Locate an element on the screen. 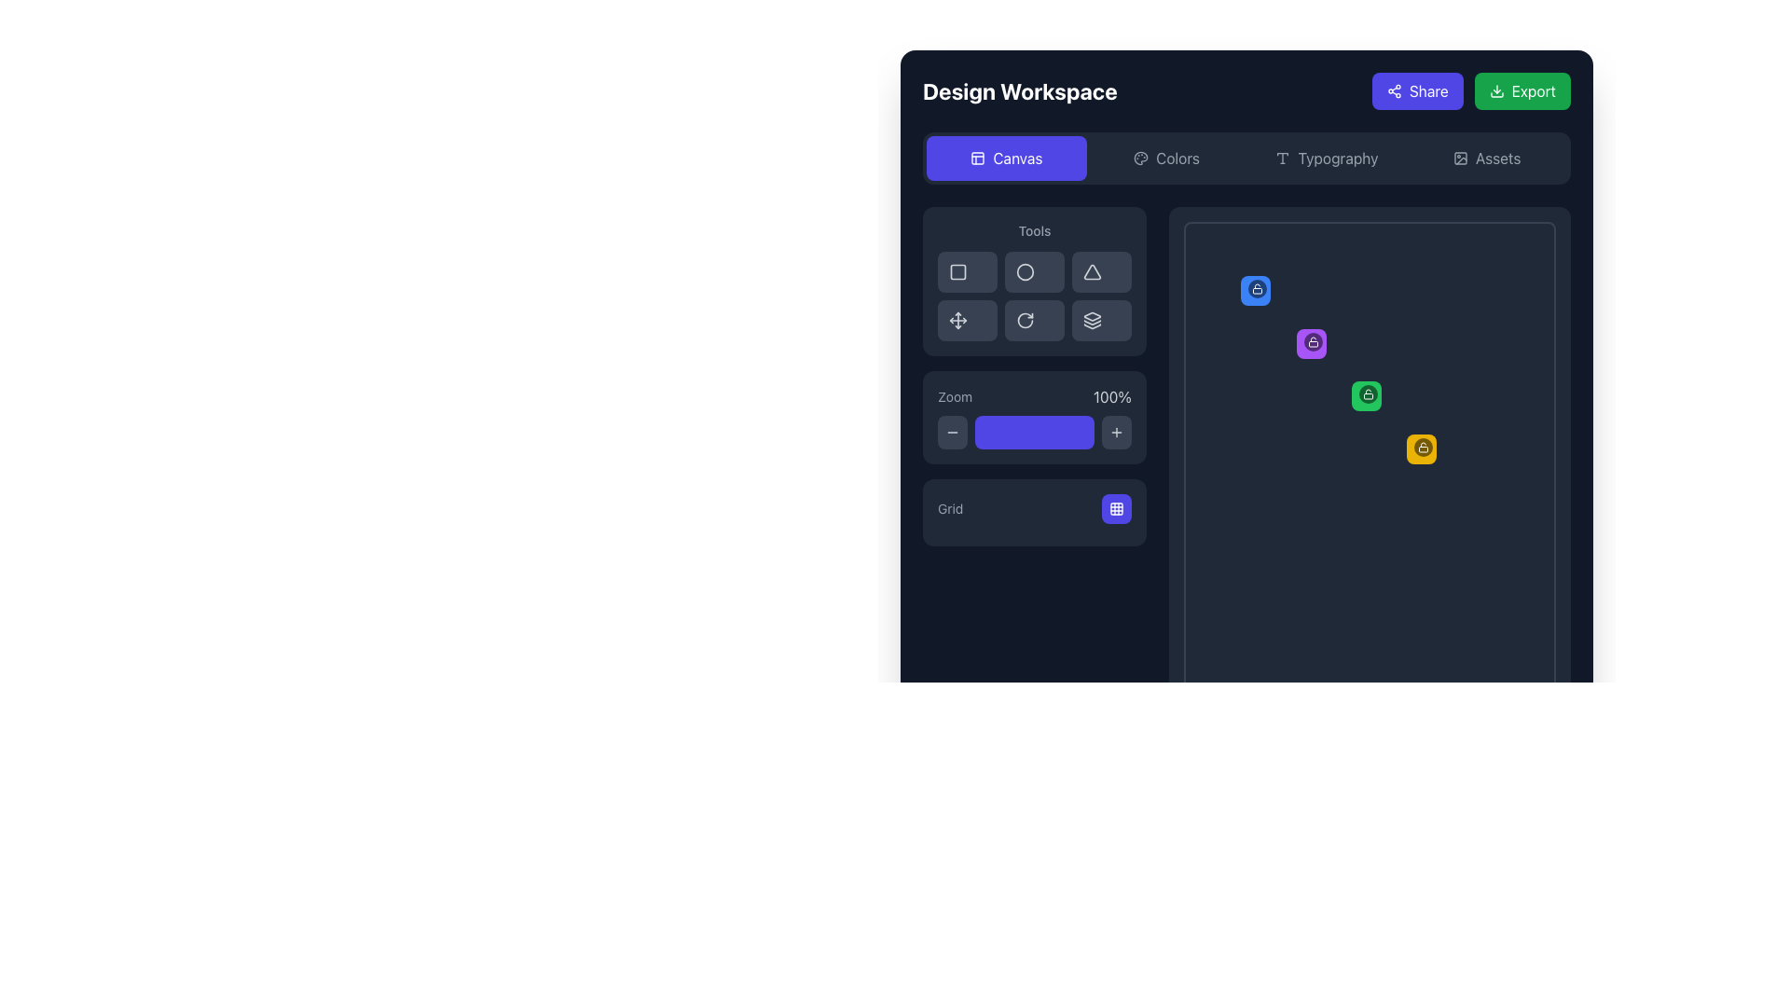 This screenshot has width=1790, height=1007. the decorative icon located to the left of the 'Colors' text label in the navigation bar is located at coordinates (1140, 157).